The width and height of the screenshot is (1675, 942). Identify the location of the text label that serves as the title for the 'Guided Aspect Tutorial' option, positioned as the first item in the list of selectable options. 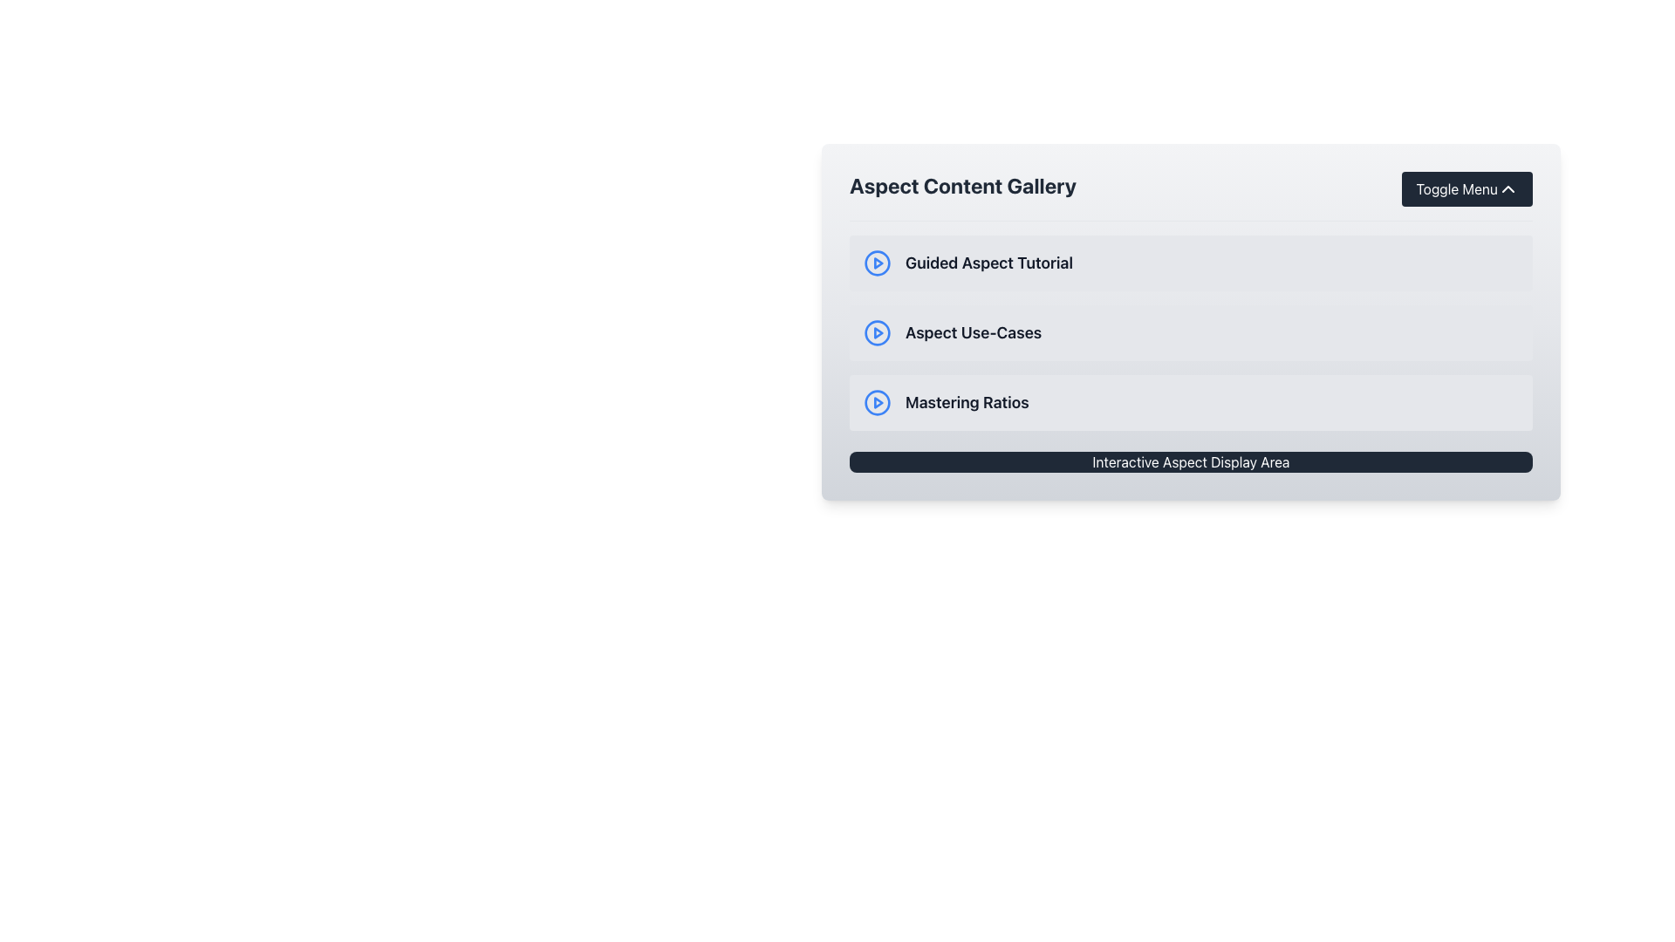
(988, 263).